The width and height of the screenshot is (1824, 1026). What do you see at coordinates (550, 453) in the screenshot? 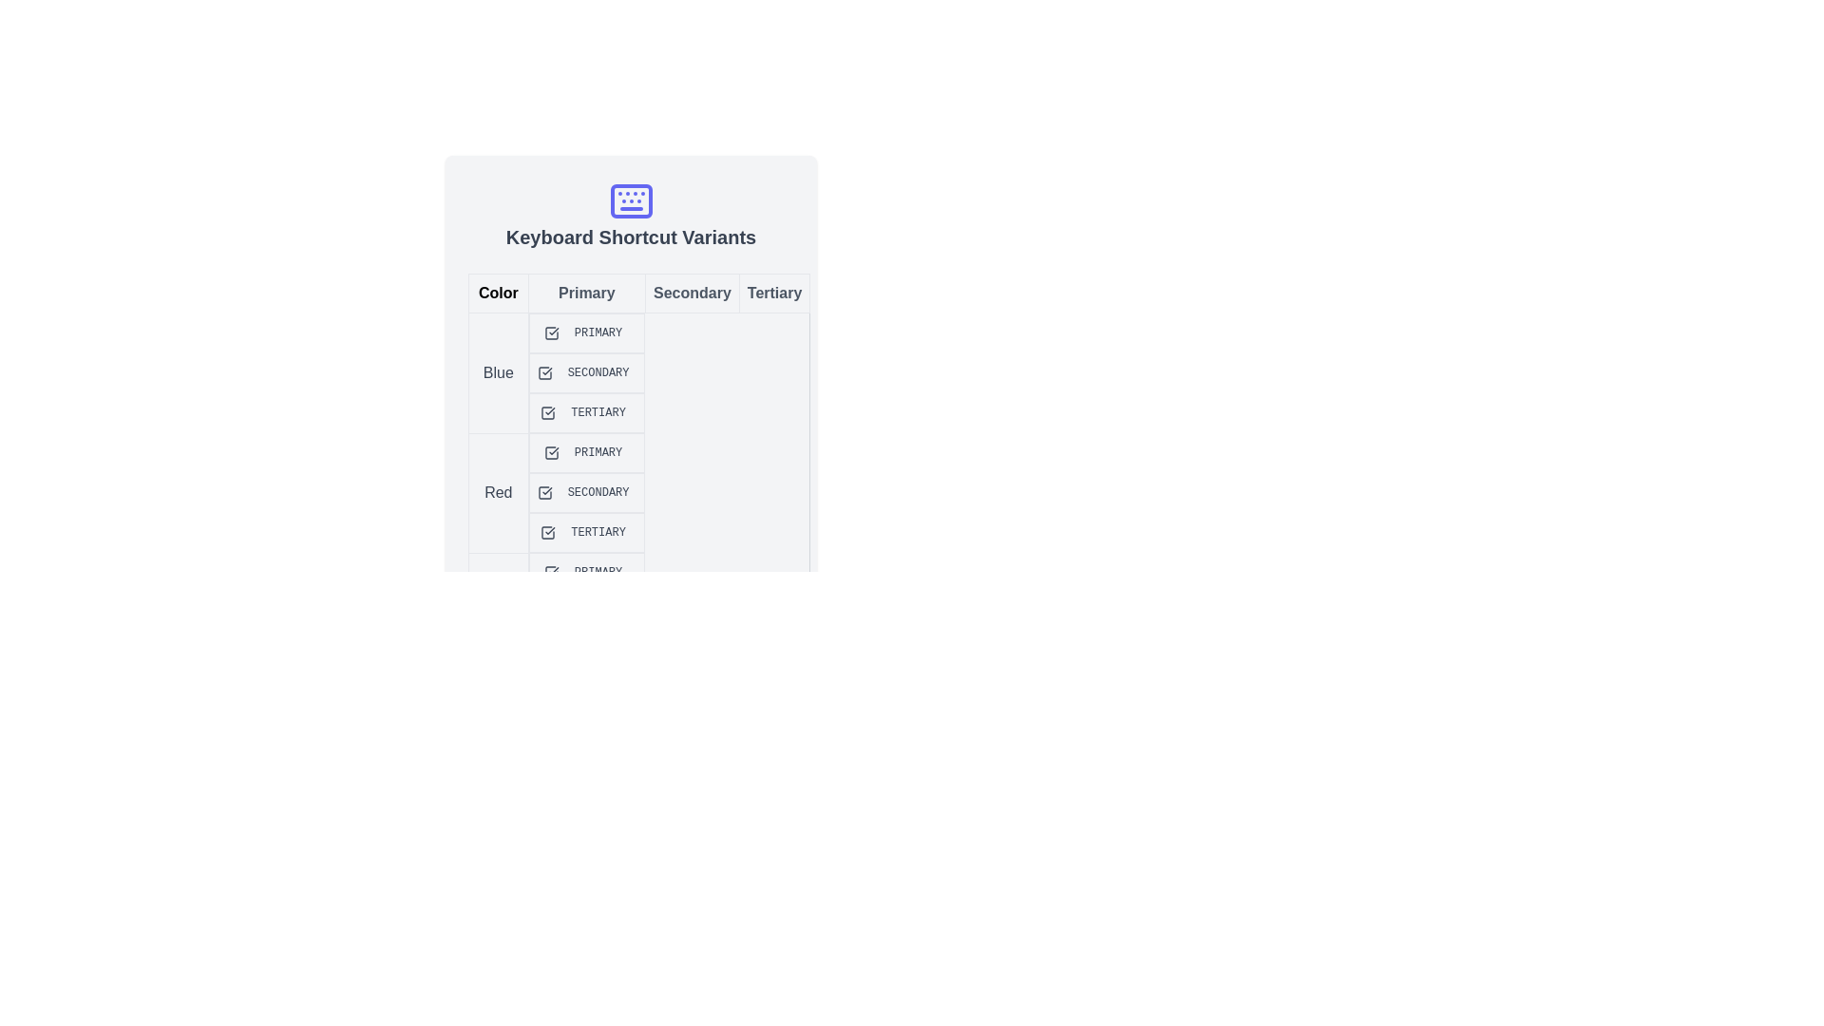
I see `the icon located in the second row of the table under the 'Primary' column, adjacent to the 'Red' label, to interact with it` at bounding box center [550, 453].